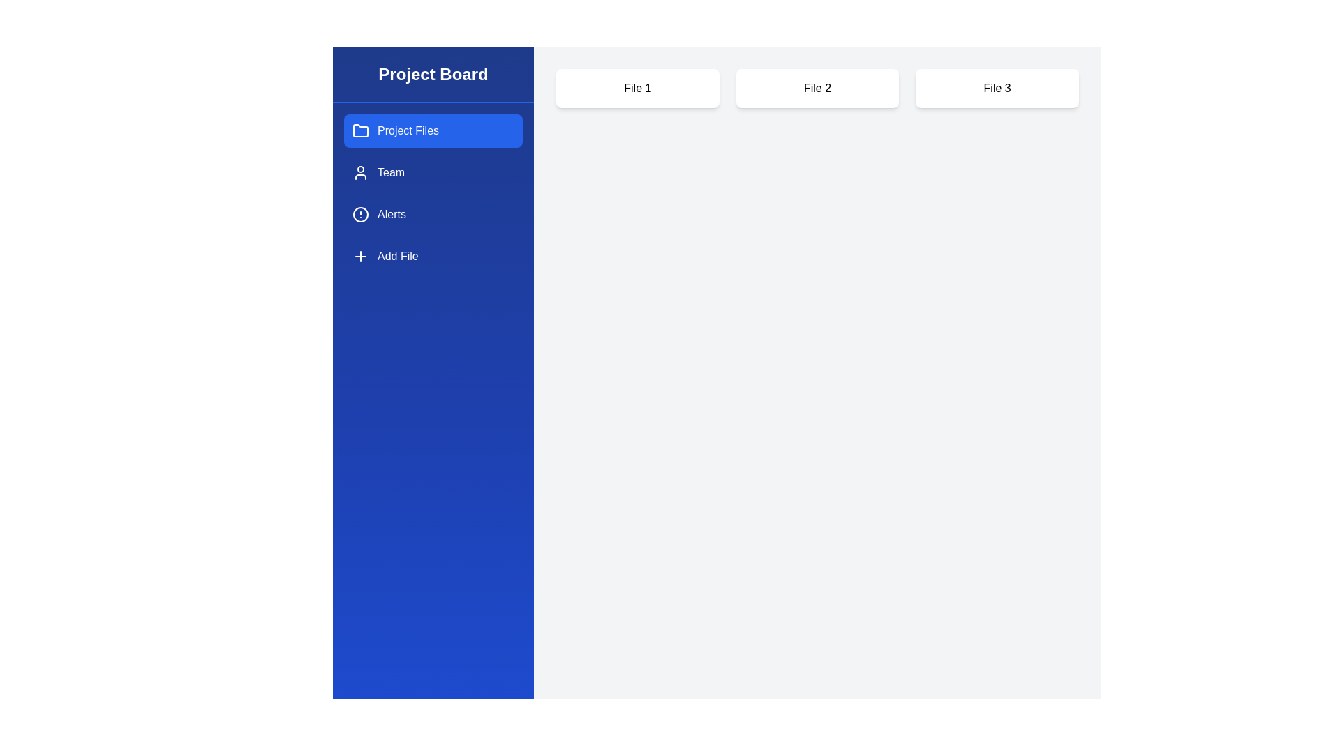 This screenshot has height=753, width=1340. What do you see at coordinates (408, 131) in the screenshot?
I see `the 'Project Files' text label within the vertical navigation bar on the left side of the interface to interact with the navigation item` at bounding box center [408, 131].